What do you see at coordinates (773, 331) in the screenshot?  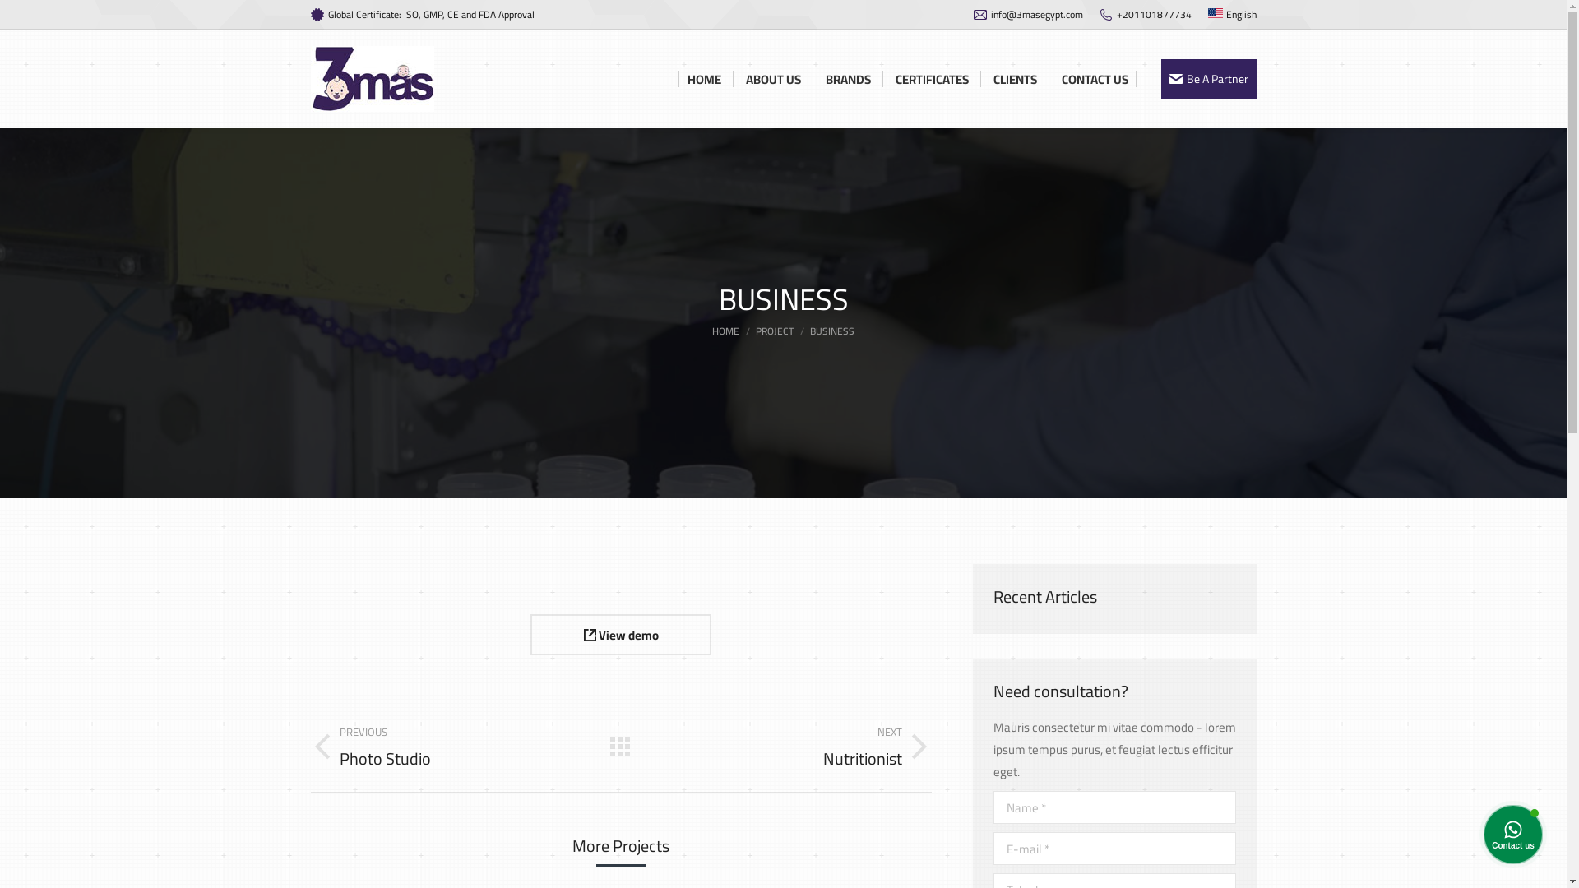 I see `'PROJECT'` at bounding box center [773, 331].